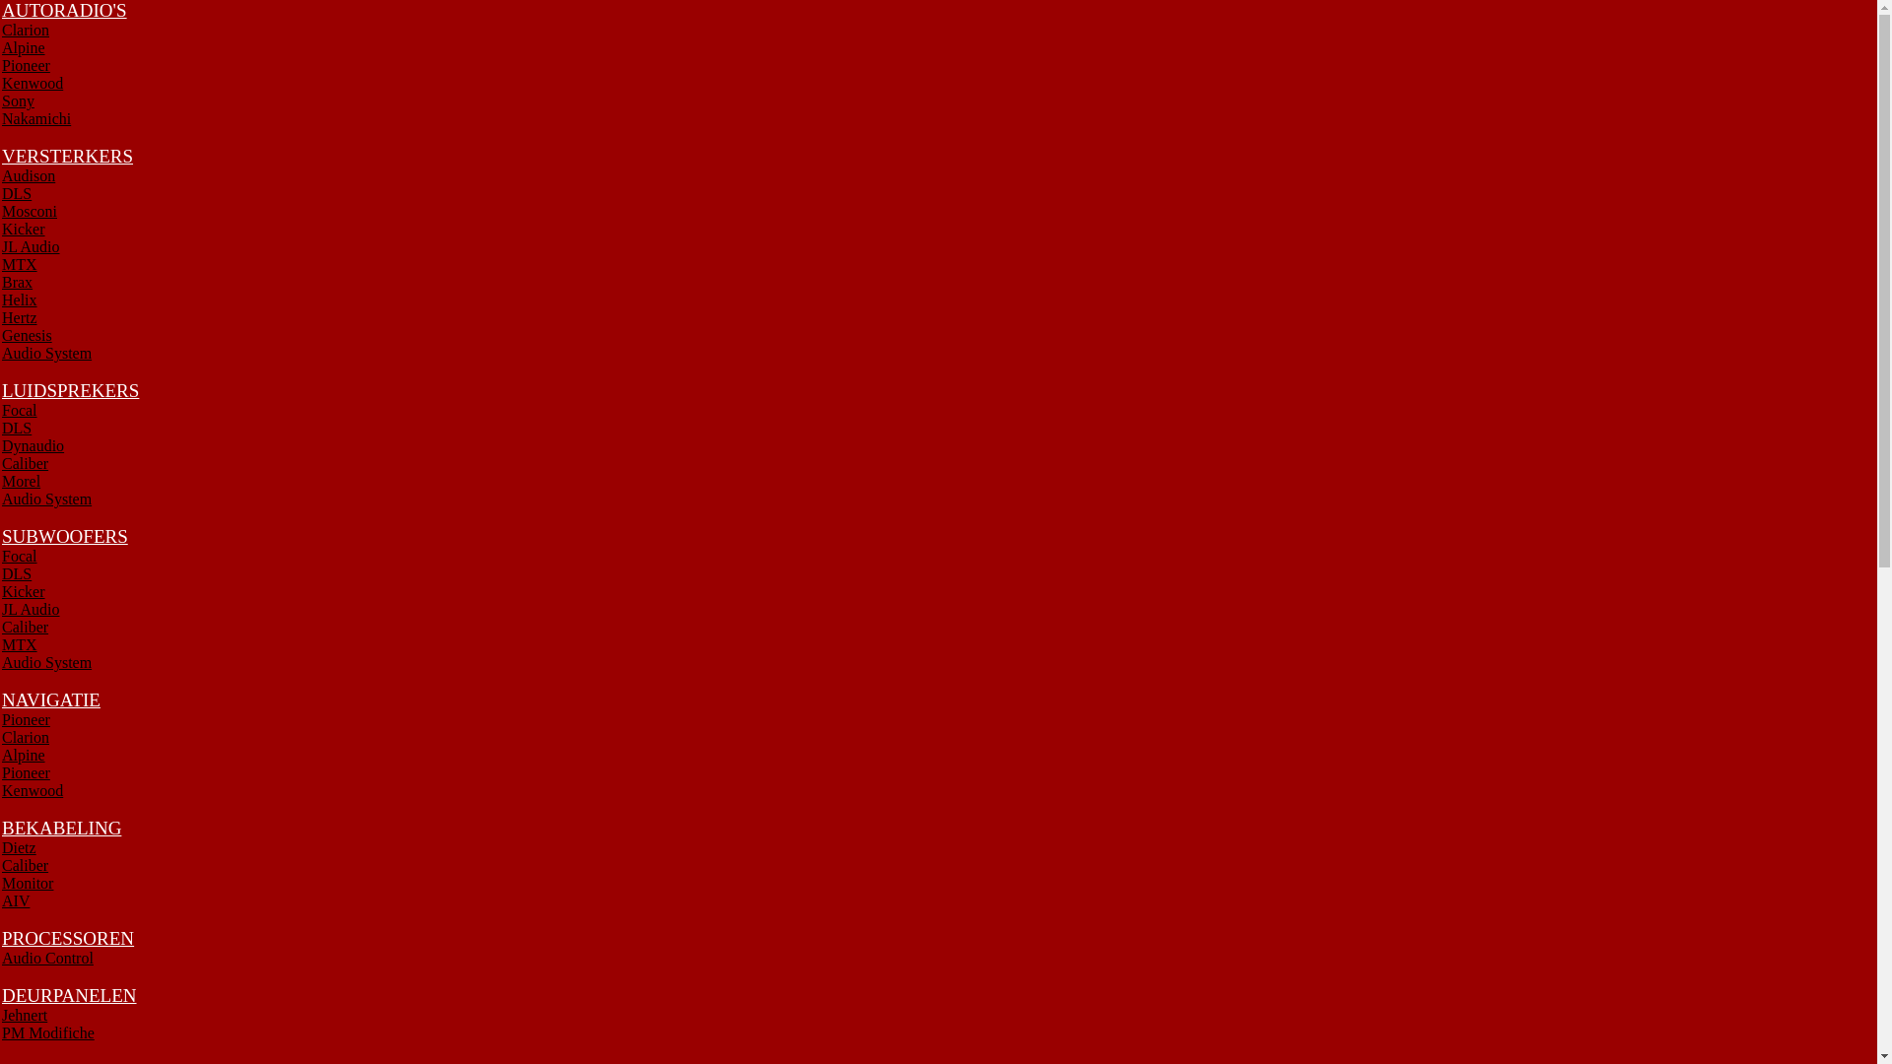  I want to click on 'Caliber', so click(25, 463).